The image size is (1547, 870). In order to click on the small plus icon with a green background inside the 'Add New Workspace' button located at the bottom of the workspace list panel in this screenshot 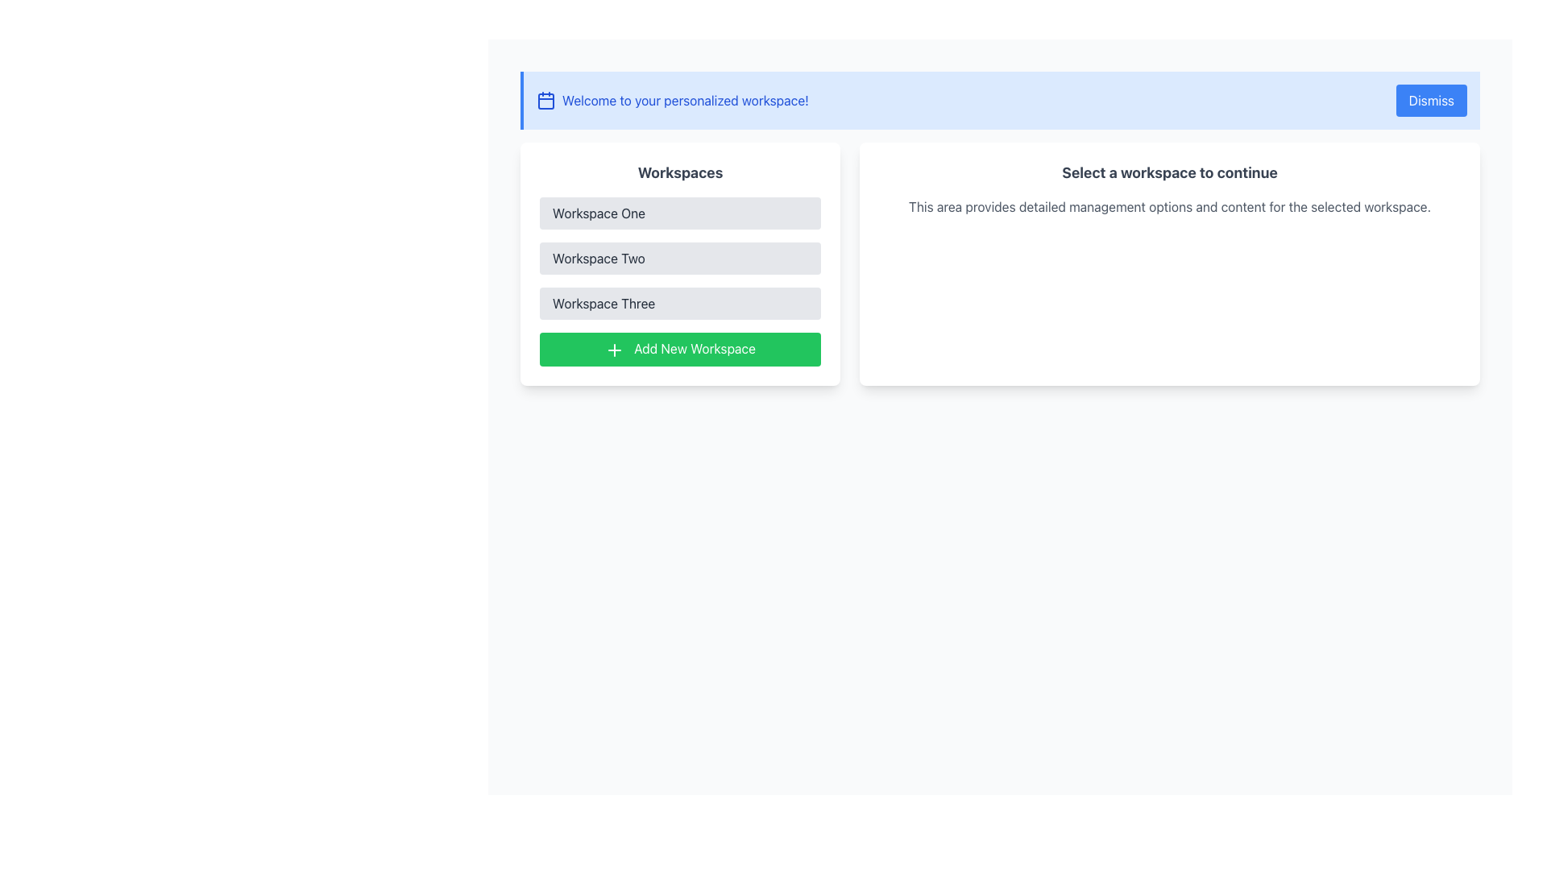, I will do `click(614, 349)`.